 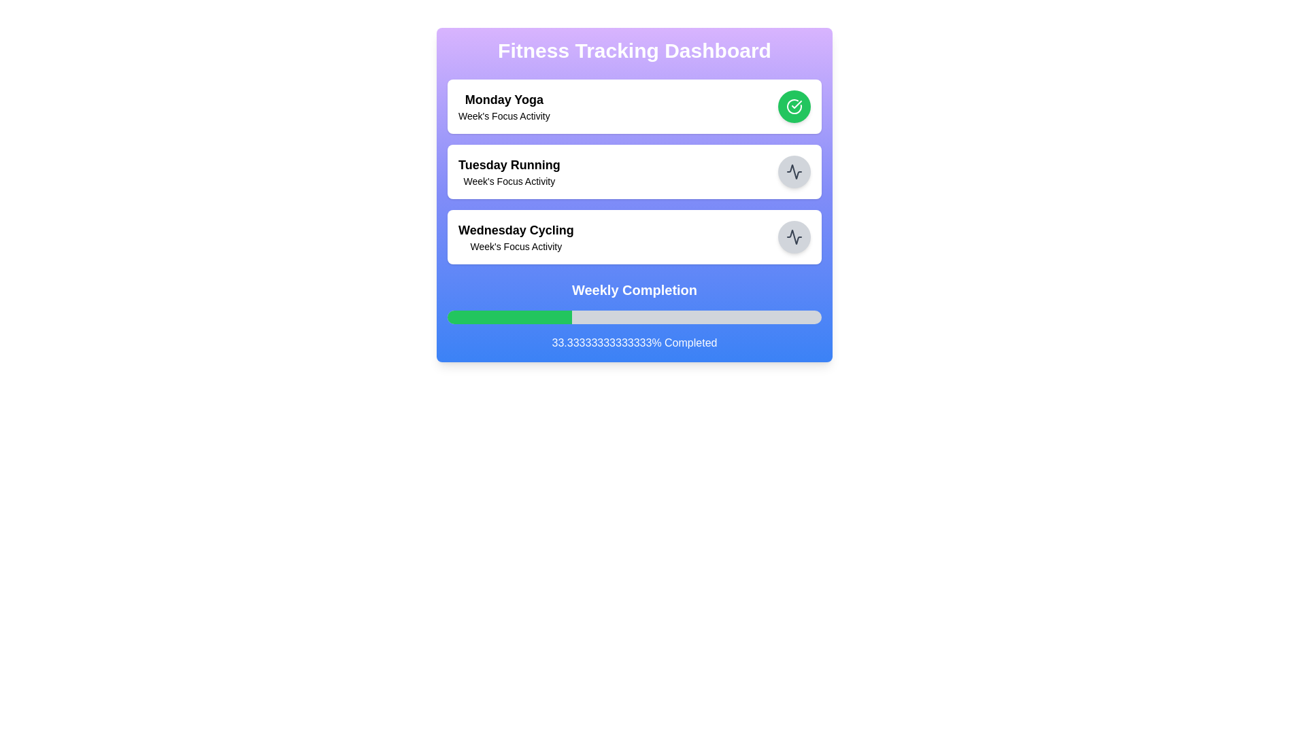 I want to click on the text label displaying '33.33333333333333% Completed', which is positioned below the progress bar in the 'Weekly Completion' section, so click(x=633, y=343).